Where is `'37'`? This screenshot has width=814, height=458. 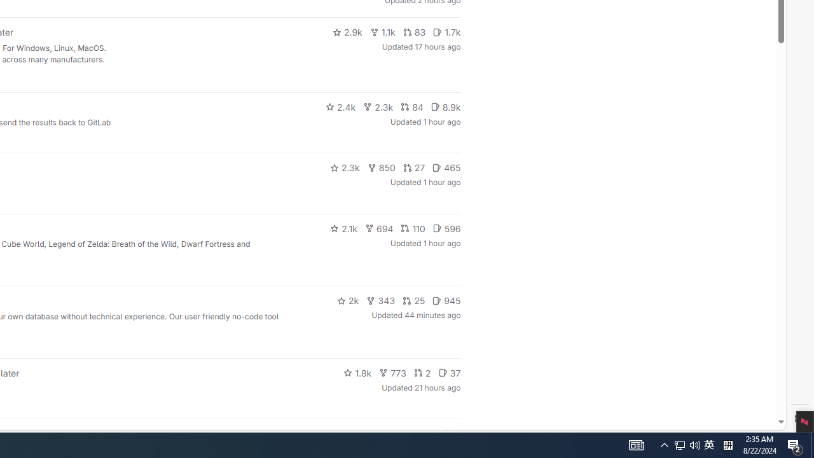 '37' is located at coordinates (449, 372).